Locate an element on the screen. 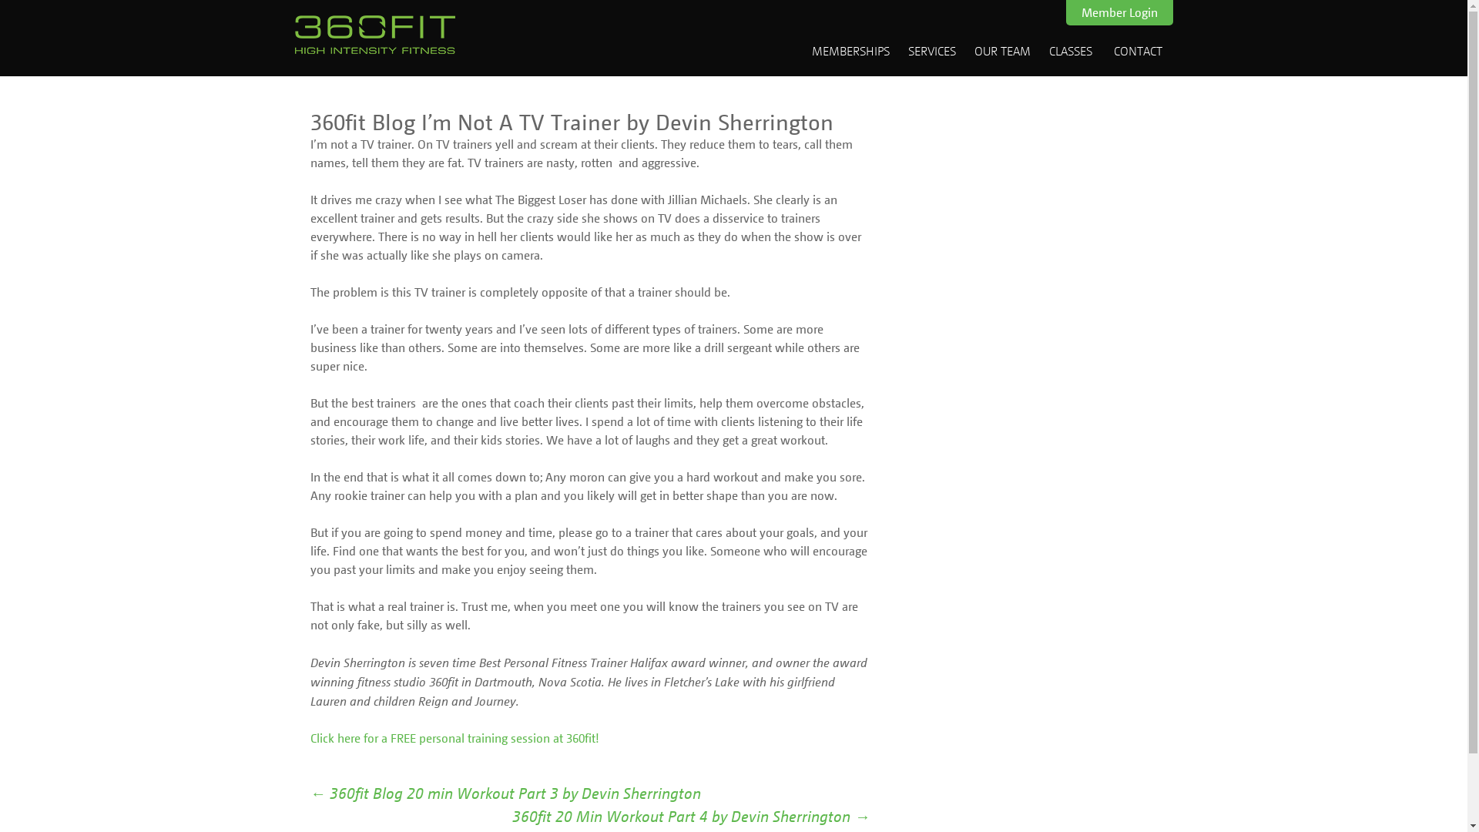 This screenshot has width=1479, height=832. 'Click here for a FREE personal training session at 360fit!' is located at coordinates (453, 736).